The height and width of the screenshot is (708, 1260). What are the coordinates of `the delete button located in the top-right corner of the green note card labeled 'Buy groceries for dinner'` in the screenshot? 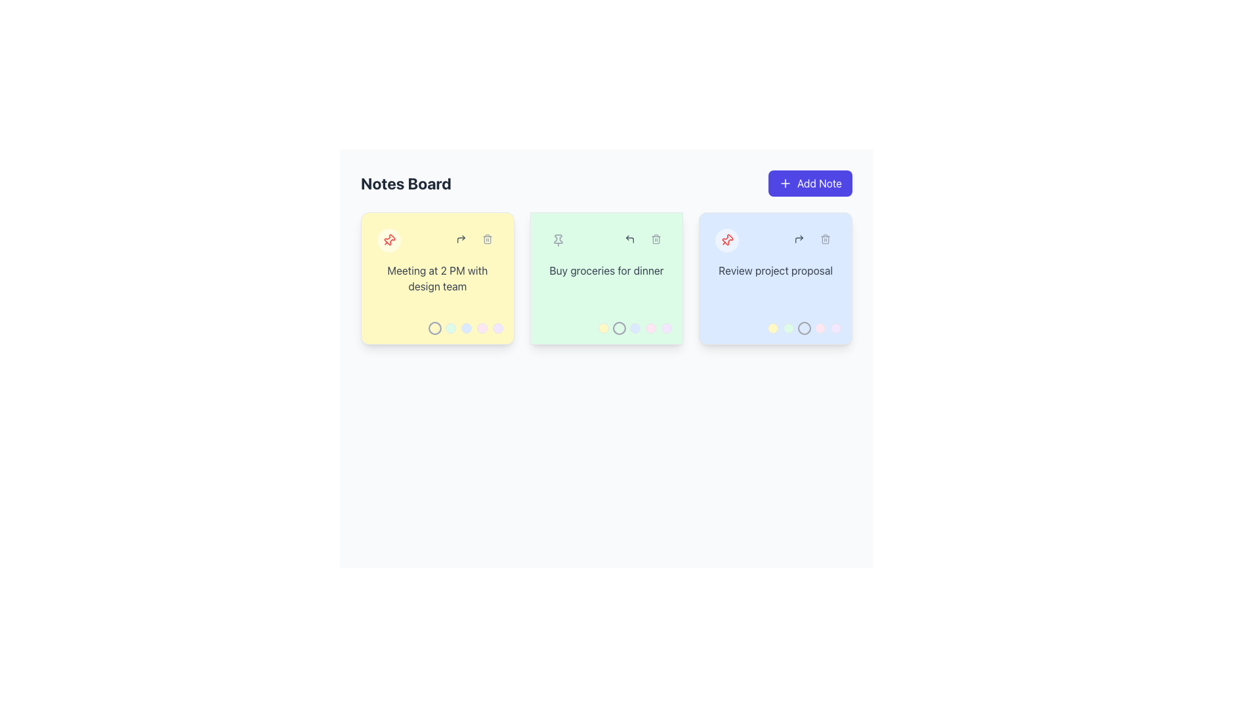 It's located at (656, 239).